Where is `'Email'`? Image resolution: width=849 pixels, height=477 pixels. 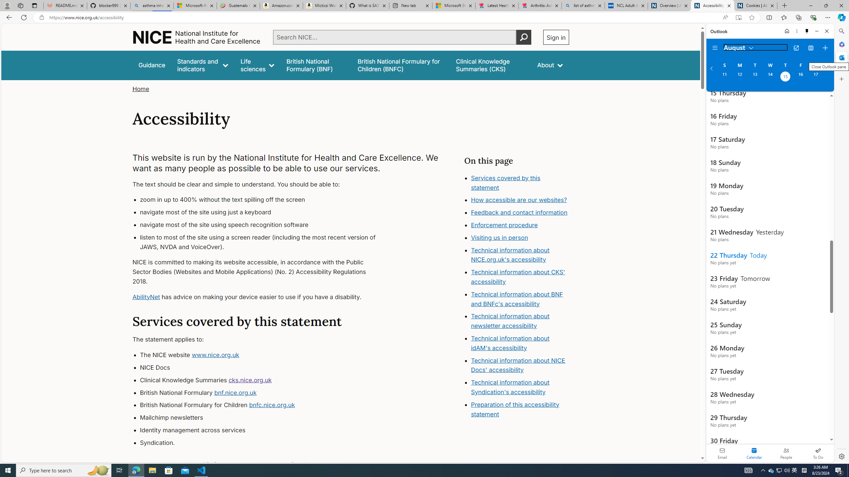 'Email' is located at coordinates (722, 453).